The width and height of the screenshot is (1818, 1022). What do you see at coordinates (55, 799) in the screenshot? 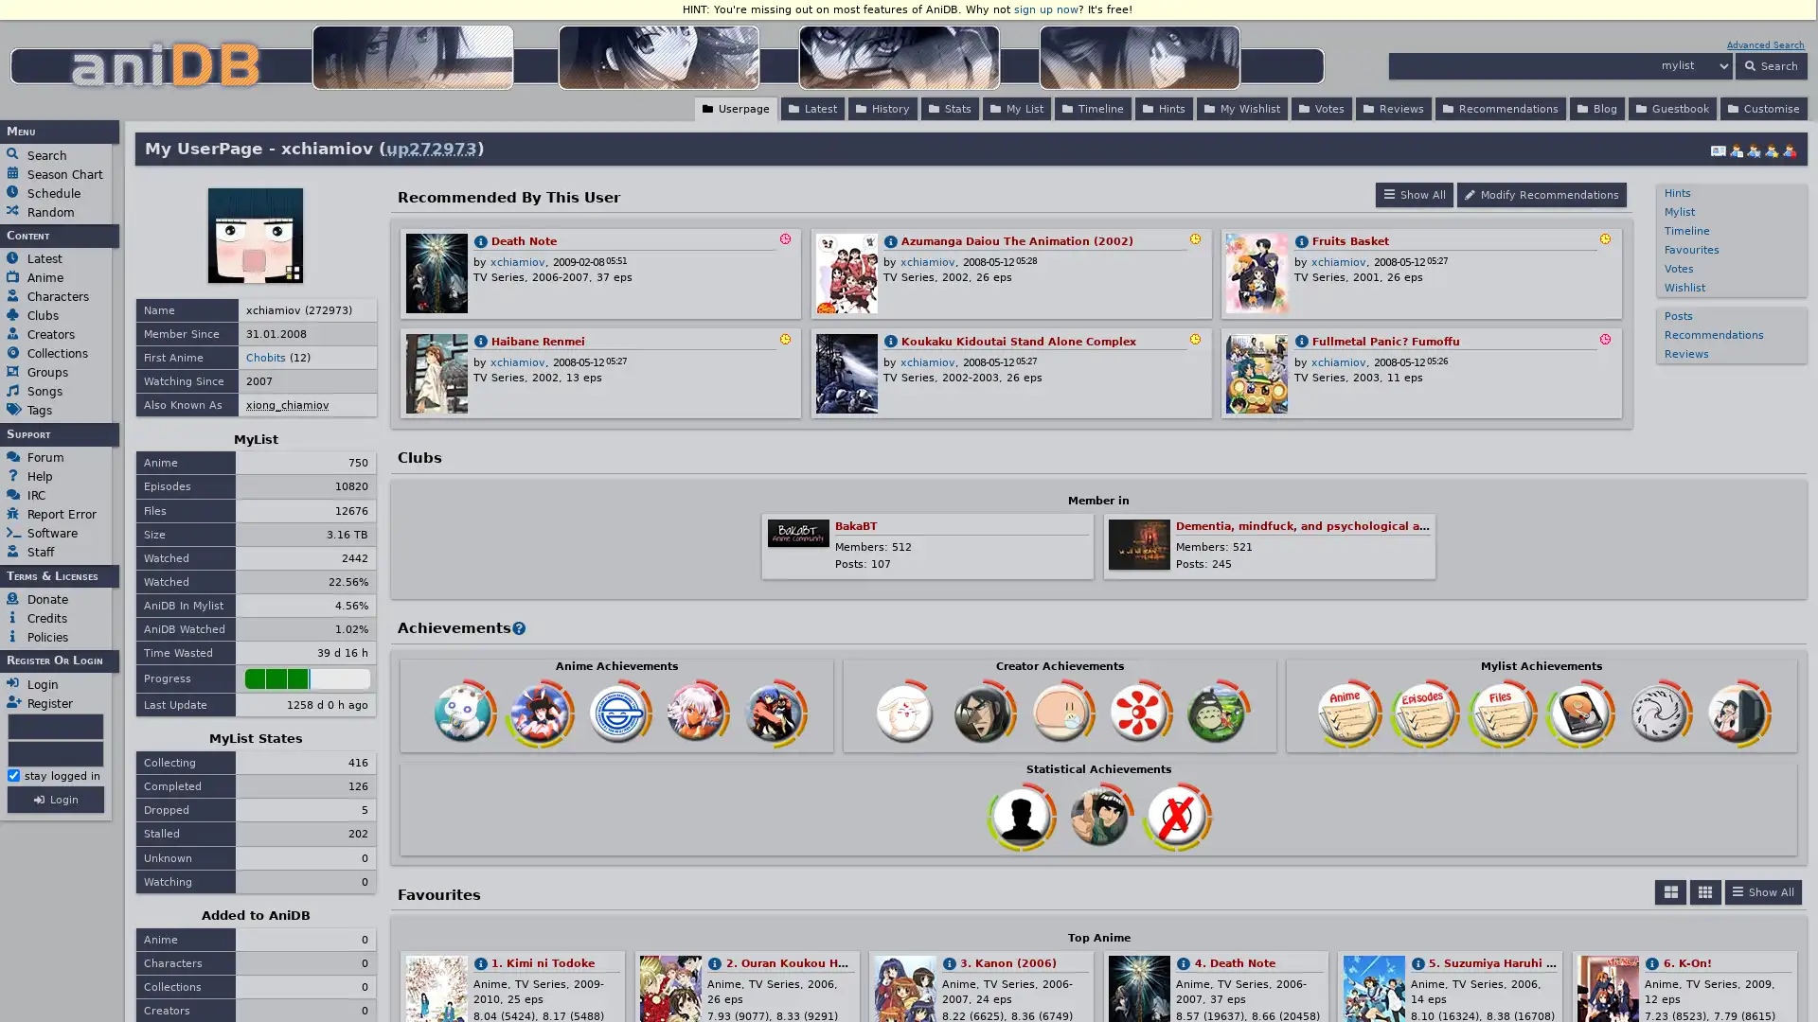
I see `Login` at bounding box center [55, 799].